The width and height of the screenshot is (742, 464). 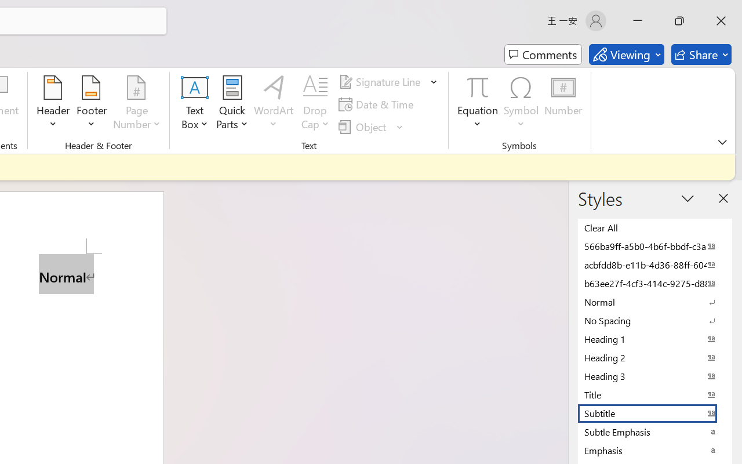 I want to click on 'Heading 3', so click(x=655, y=375).